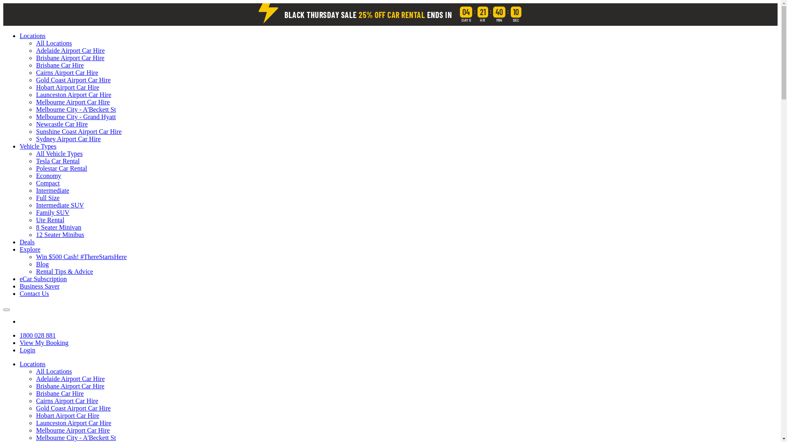  I want to click on 'Melbourne City - A'Beckett St', so click(76, 109).